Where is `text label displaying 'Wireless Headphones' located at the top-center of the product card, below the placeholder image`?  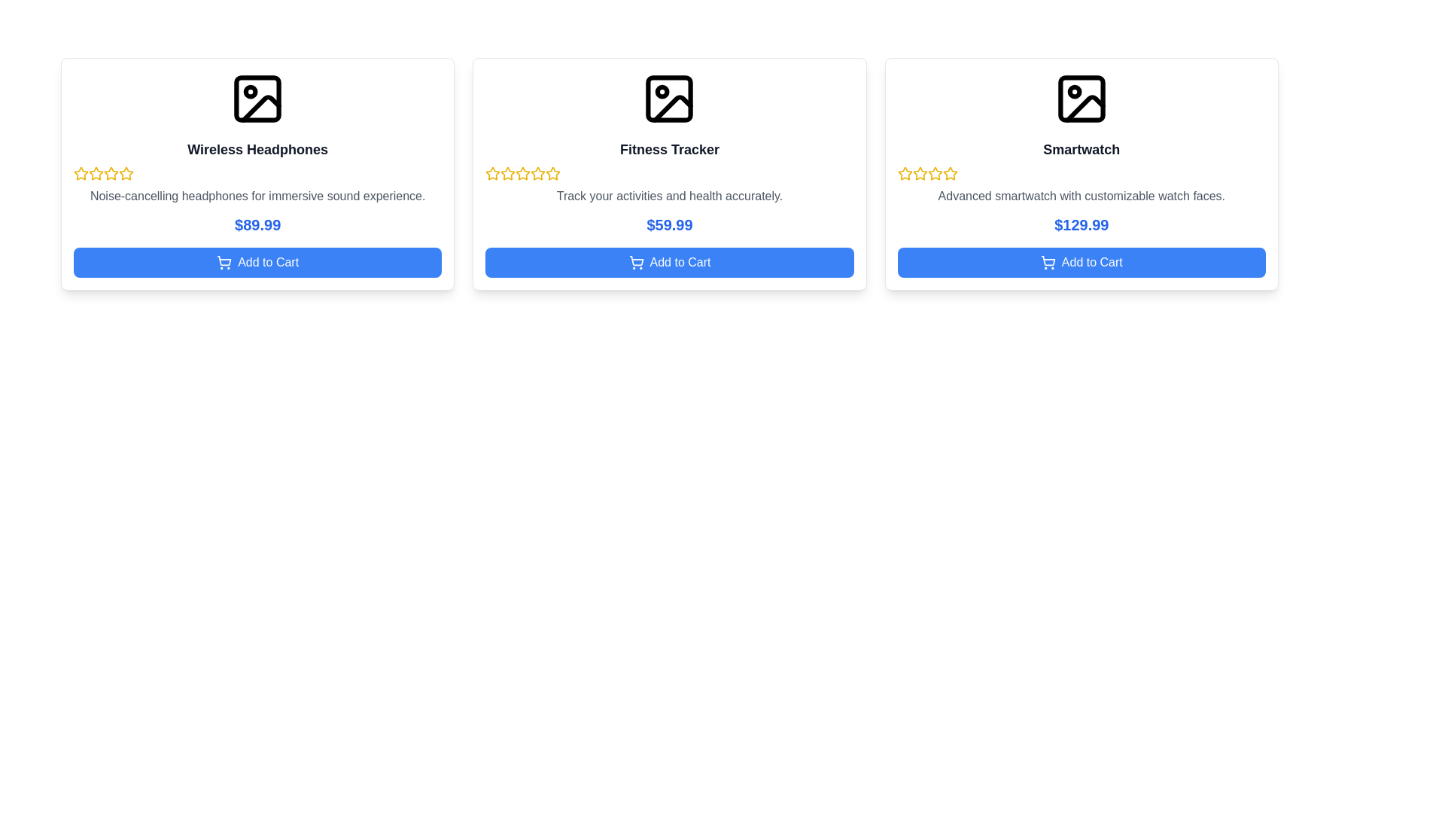
text label displaying 'Wireless Headphones' located at the top-center of the product card, below the placeholder image is located at coordinates (257, 150).